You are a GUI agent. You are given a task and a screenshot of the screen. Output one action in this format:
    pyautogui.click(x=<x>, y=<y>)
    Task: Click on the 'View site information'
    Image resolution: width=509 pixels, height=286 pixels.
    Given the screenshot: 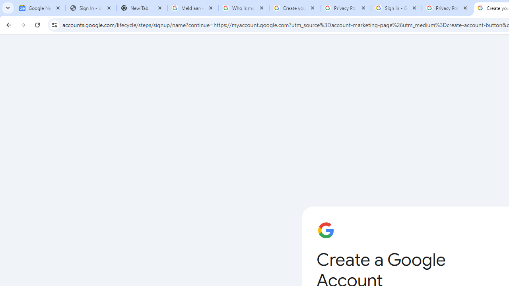 What is the action you would take?
    pyautogui.click(x=54, y=24)
    